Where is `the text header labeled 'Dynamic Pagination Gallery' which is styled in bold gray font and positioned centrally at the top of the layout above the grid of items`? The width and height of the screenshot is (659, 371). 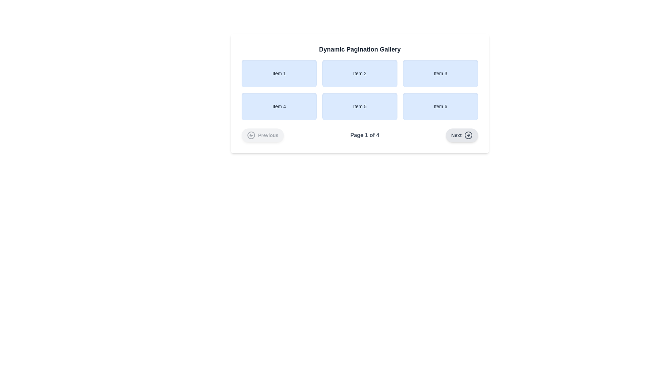 the text header labeled 'Dynamic Pagination Gallery' which is styled in bold gray font and positioned centrally at the top of the layout above the grid of items is located at coordinates (359, 49).